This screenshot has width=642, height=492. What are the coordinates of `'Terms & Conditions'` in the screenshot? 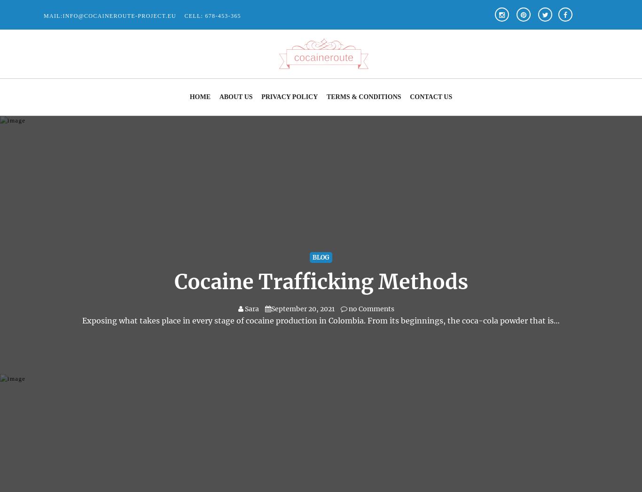 It's located at (363, 96).